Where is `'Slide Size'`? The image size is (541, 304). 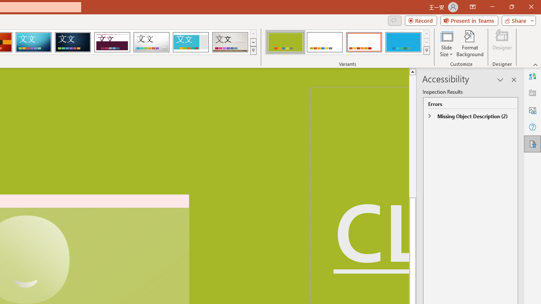 'Slide Size' is located at coordinates (446, 43).